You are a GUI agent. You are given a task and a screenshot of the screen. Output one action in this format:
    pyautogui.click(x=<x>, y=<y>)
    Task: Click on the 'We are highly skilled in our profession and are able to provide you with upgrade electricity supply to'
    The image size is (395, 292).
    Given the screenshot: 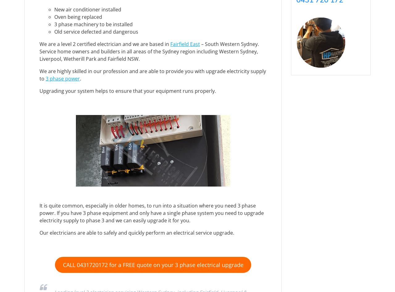 What is the action you would take?
    pyautogui.click(x=152, y=74)
    